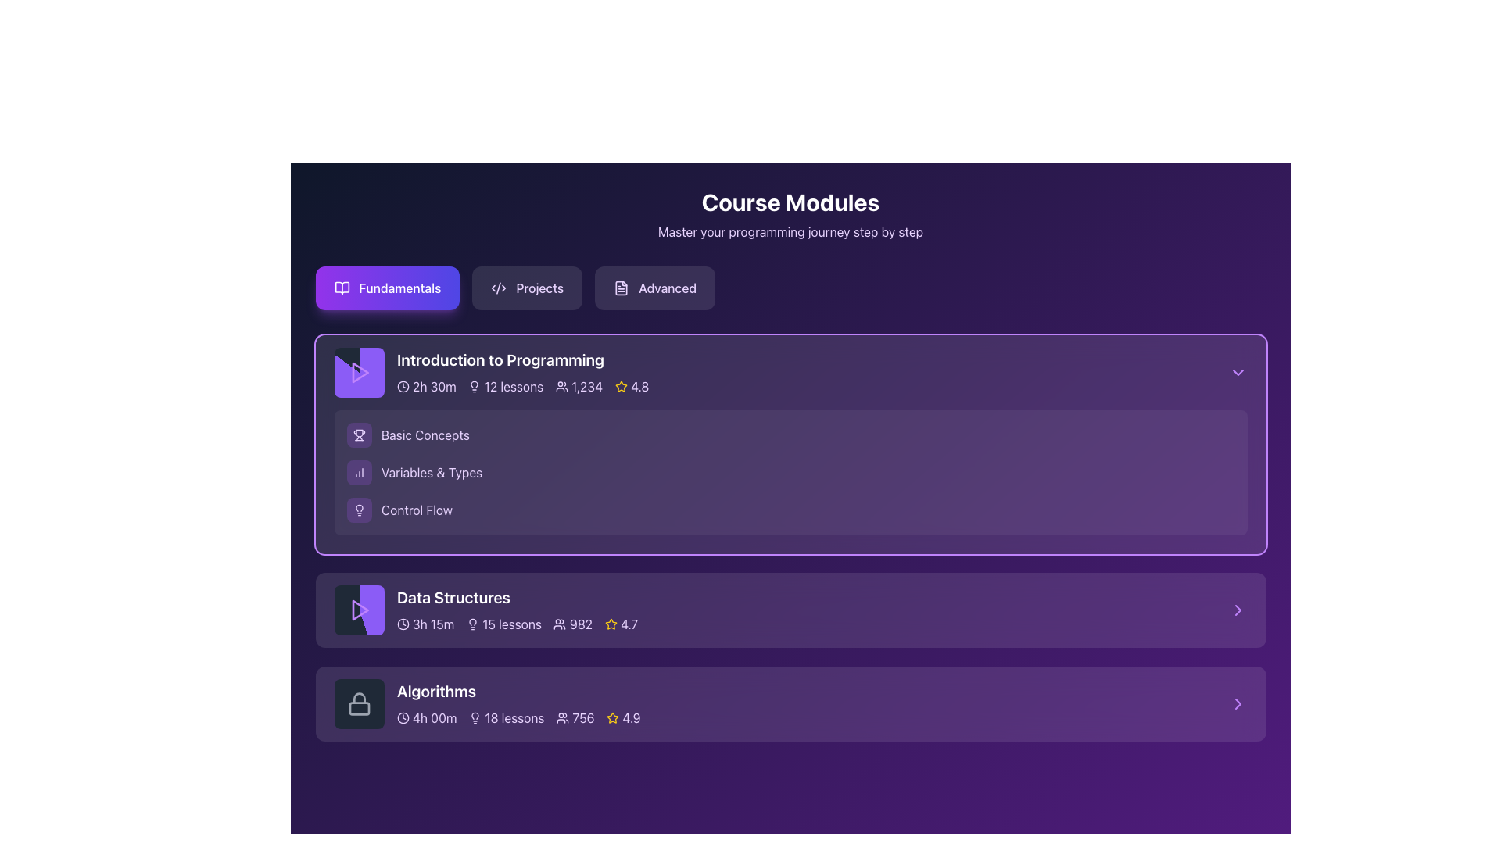 The width and height of the screenshot is (1501, 844). Describe the element at coordinates (611, 717) in the screenshot. I see `the yellow outlined star icon representing a rating in the 'Algorithms' course module, located at the bottom right corner of the module box` at that location.